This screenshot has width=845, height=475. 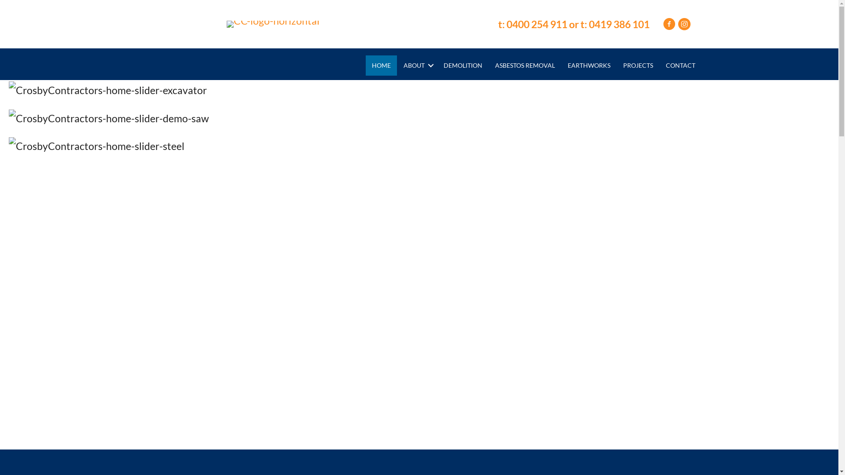 I want to click on 'EARTHWORKS', so click(x=561, y=65).